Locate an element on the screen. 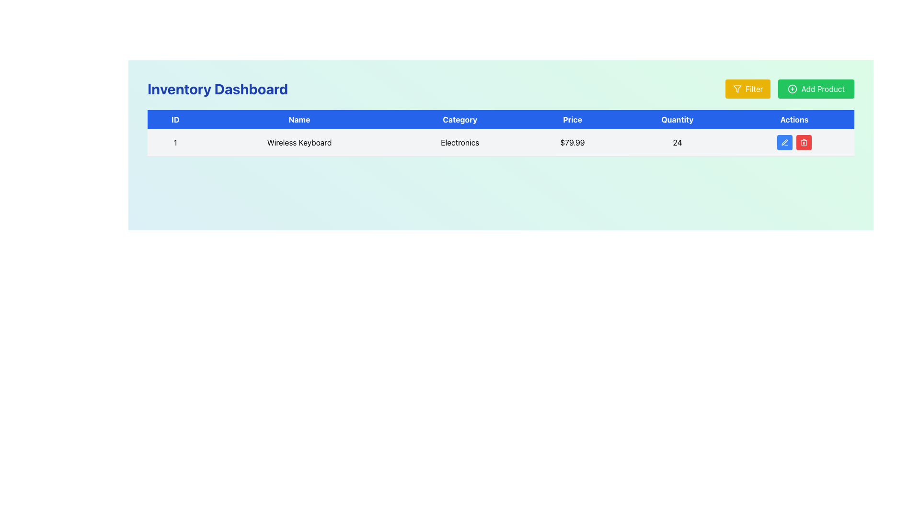 The height and width of the screenshot is (517, 920). the button used to add a new product to the inventory, located to the right of the 'Filter' button in the top-right section of the interface is located at coordinates (816, 89).